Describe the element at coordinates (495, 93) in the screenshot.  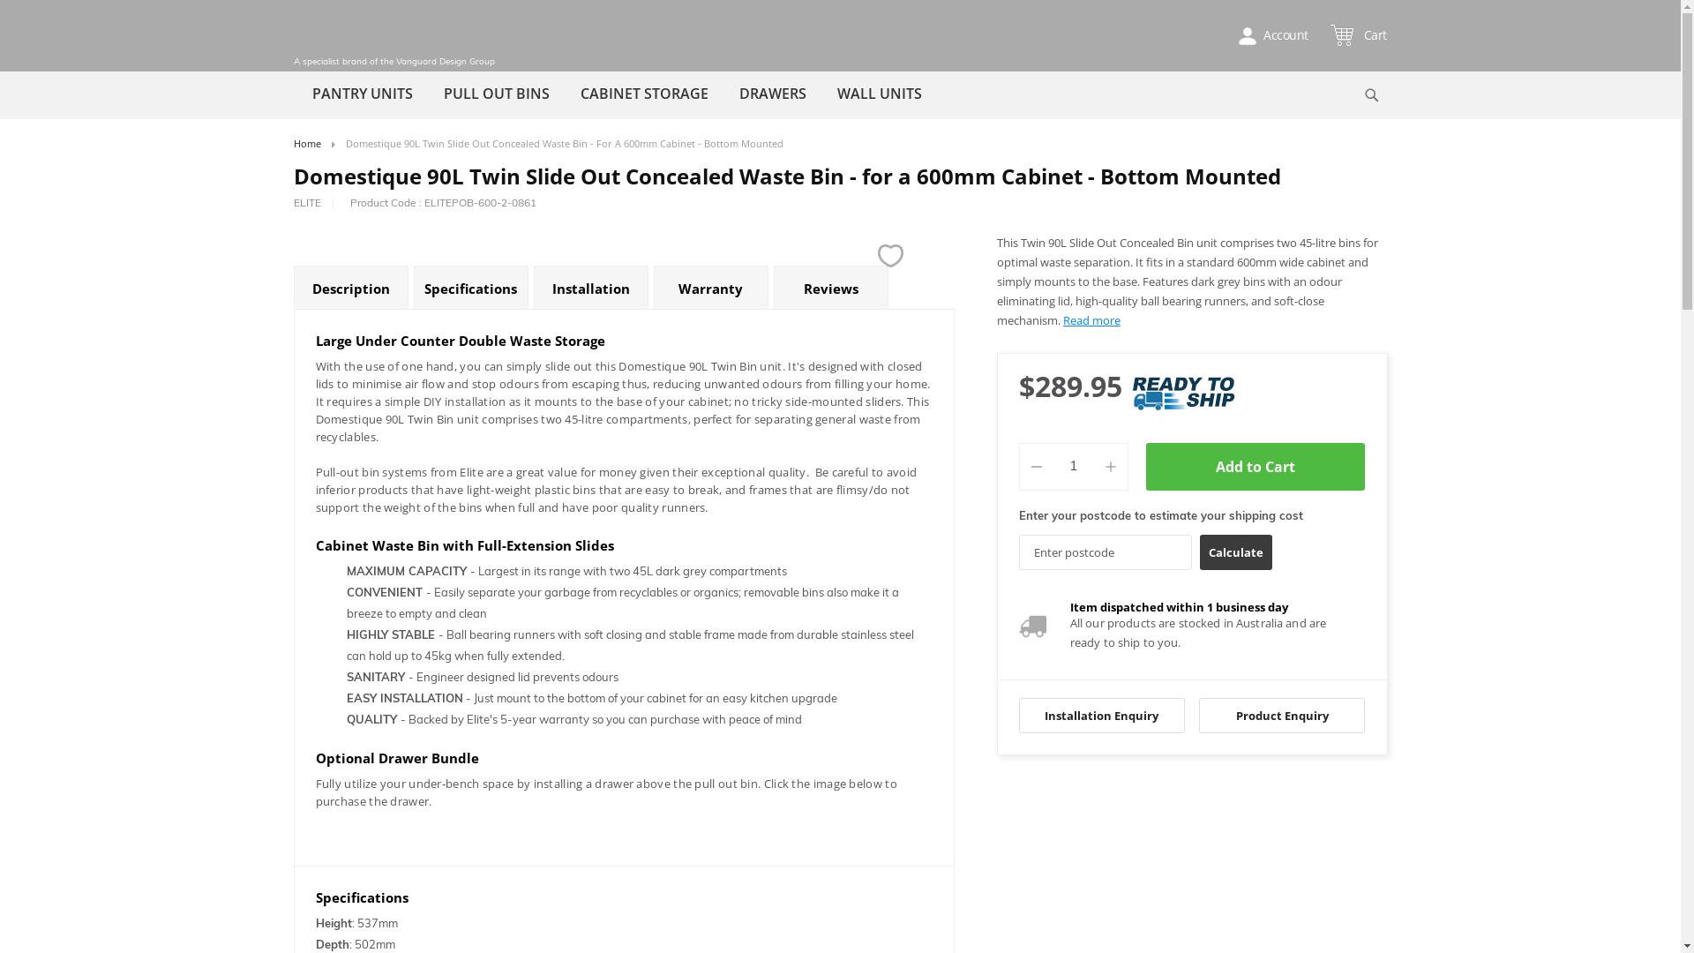
I see `'PULL OUT BINS'` at that location.